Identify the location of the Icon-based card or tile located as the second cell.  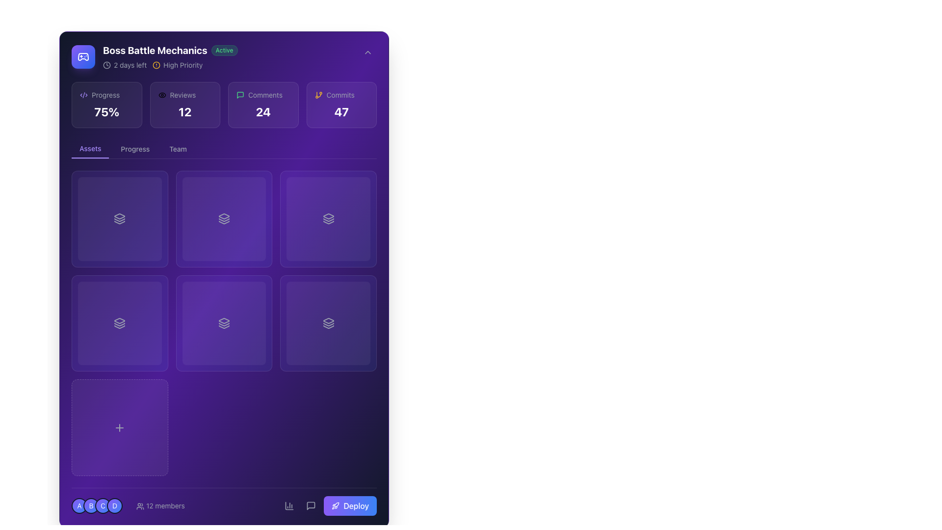
(119, 323).